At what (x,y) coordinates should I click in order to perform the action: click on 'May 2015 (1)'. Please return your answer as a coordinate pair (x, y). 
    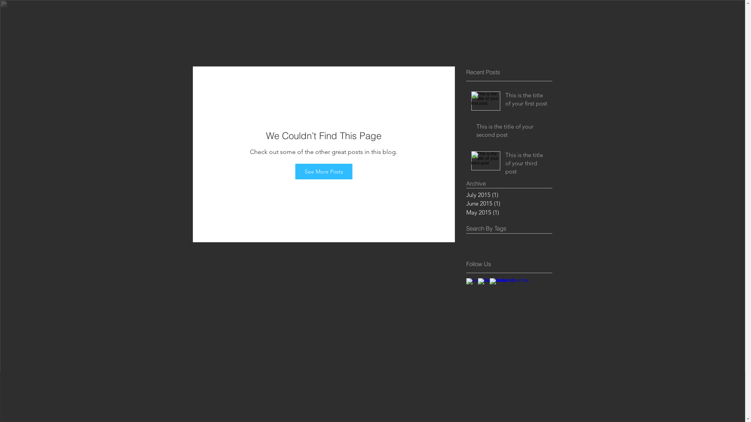
    Looking at the image, I should click on (507, 213).